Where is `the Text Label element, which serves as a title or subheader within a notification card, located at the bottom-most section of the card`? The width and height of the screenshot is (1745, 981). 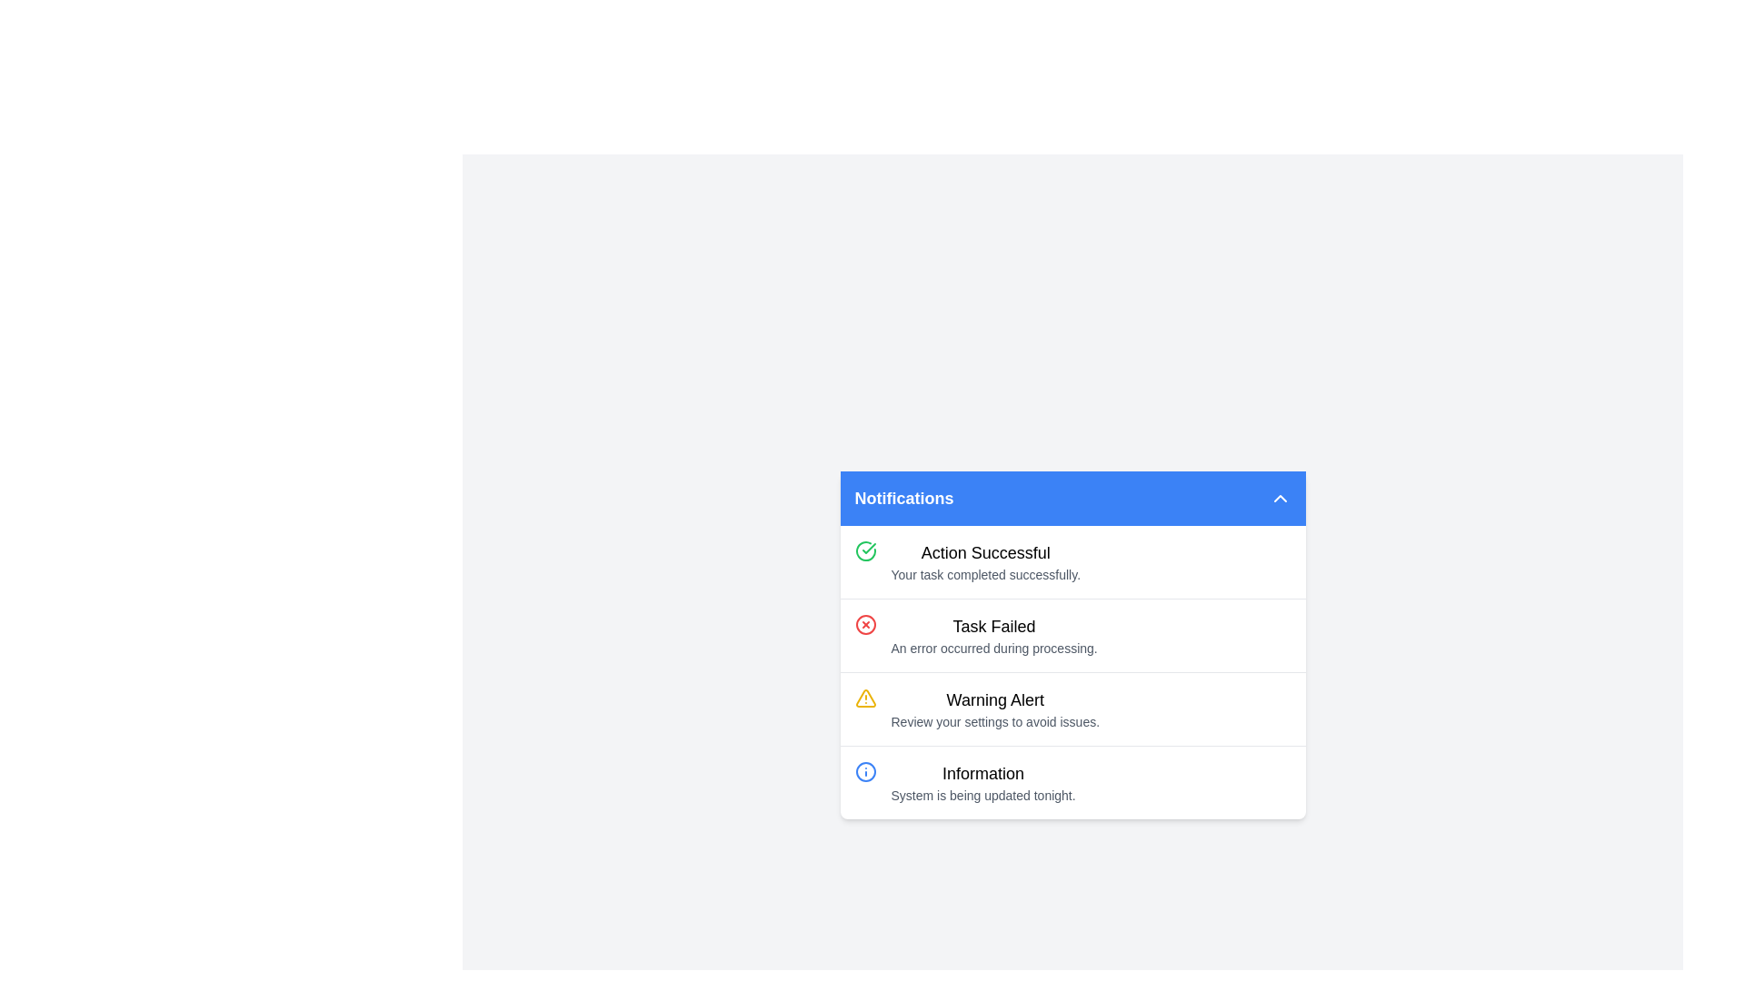 the Text Label element, which serves as a title or subheader within a notification card, located at the bottom-most section of the card is located at coordinates (982, 773).